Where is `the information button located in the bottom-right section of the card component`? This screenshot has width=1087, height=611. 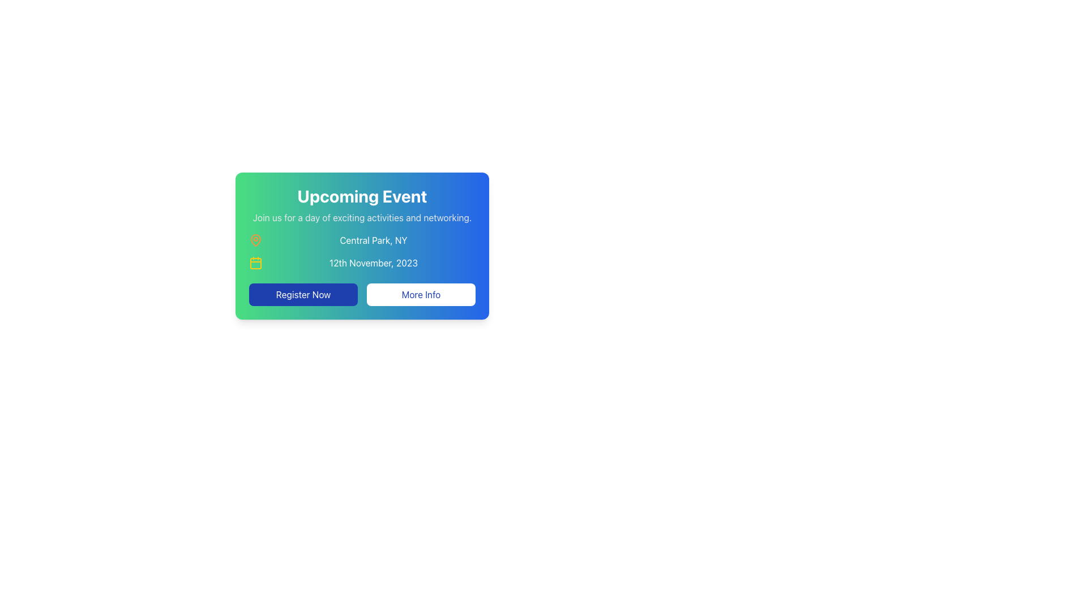 the information button located in the bottom-right section of the card component is located at coordinates (421, 294).